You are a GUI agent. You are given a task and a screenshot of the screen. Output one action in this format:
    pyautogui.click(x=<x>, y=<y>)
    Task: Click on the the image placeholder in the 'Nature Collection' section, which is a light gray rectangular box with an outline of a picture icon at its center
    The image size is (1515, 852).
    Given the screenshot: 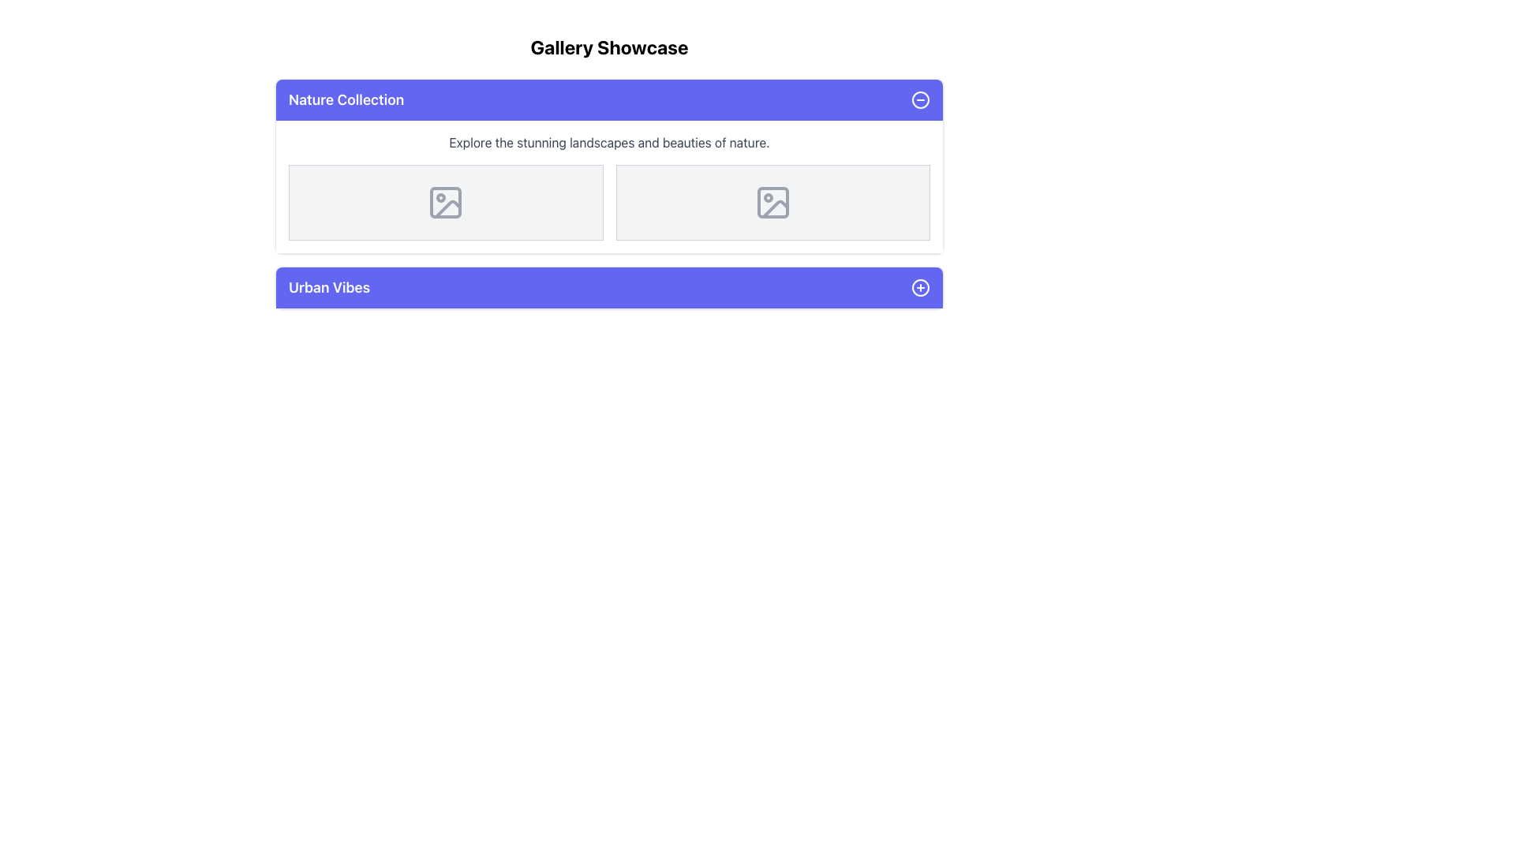 What is the action you would take?
    pyautogui.click(x=445, y=202)
    